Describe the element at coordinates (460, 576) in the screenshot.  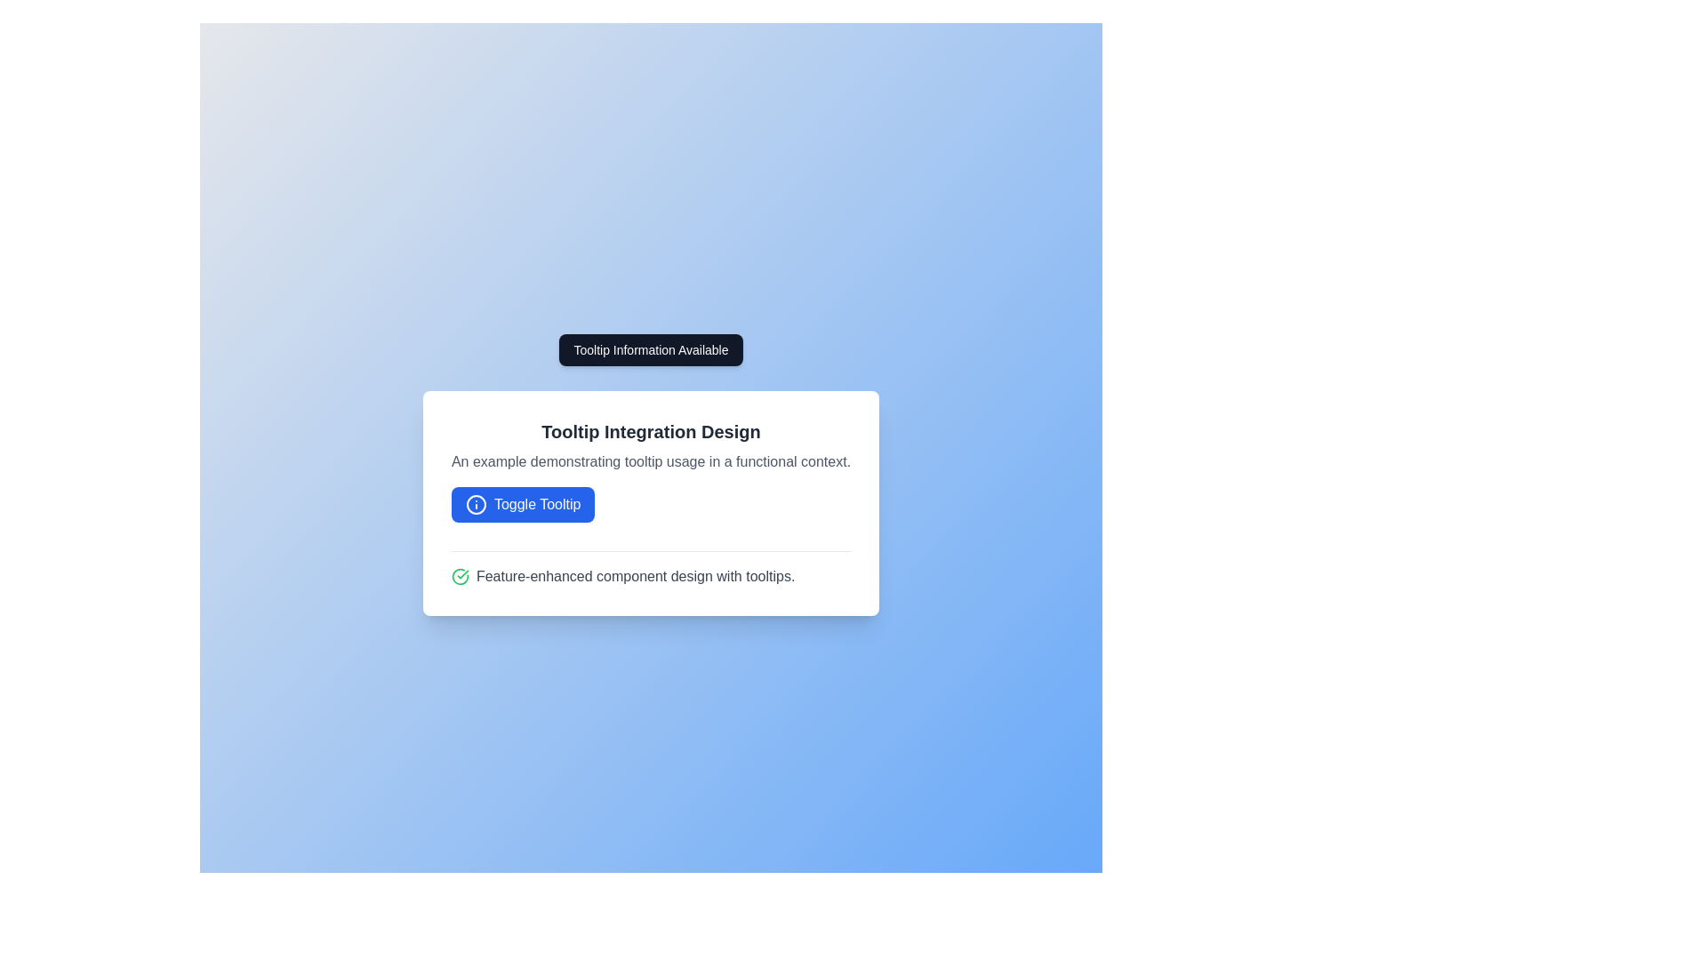
I see `the circular icon with a green border and a white checkmark, which indicates confirmation or success, located to the left of the text 'Feature-enhanced component design with tooltips.'` at that location.